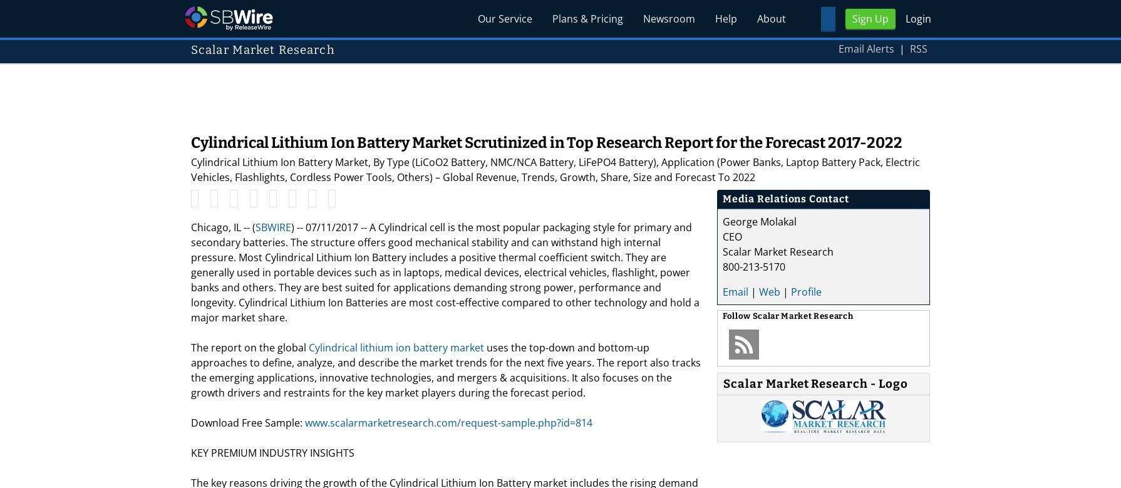 The height and width of the screenshot is (488, 1121). What do you see at coordinates (723, 316) in the screenshot?
I see `'Follow'` at bounding box center [723, 316].